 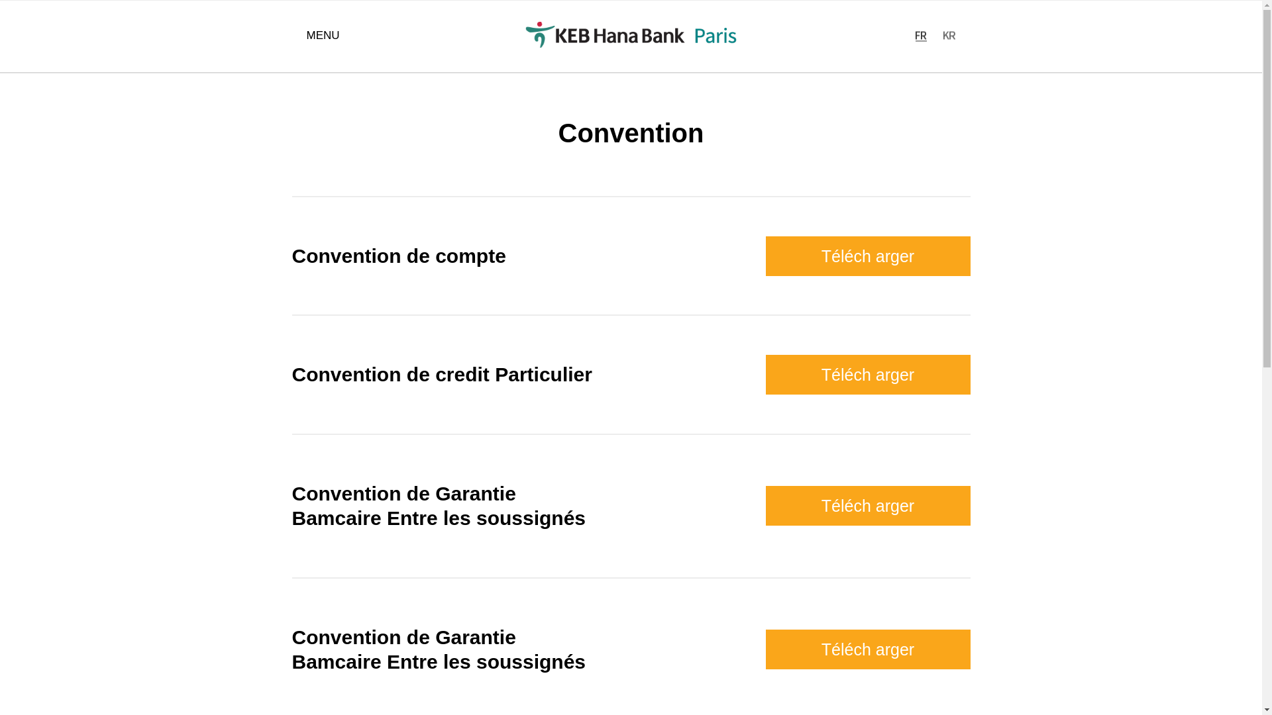 I want to click on 'KR', so click(x=949, y=36).